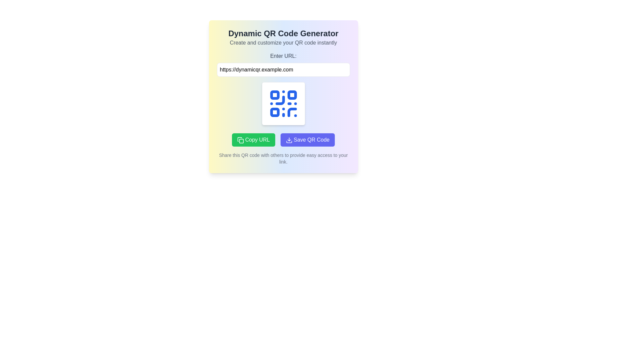  Describe the element at coordinates (283, 64) in the screenshot. I see `the text input field labeled 'Enter URL:' which contains the pre-filled URL 'https://dynamicqr.example.com'` at that location.